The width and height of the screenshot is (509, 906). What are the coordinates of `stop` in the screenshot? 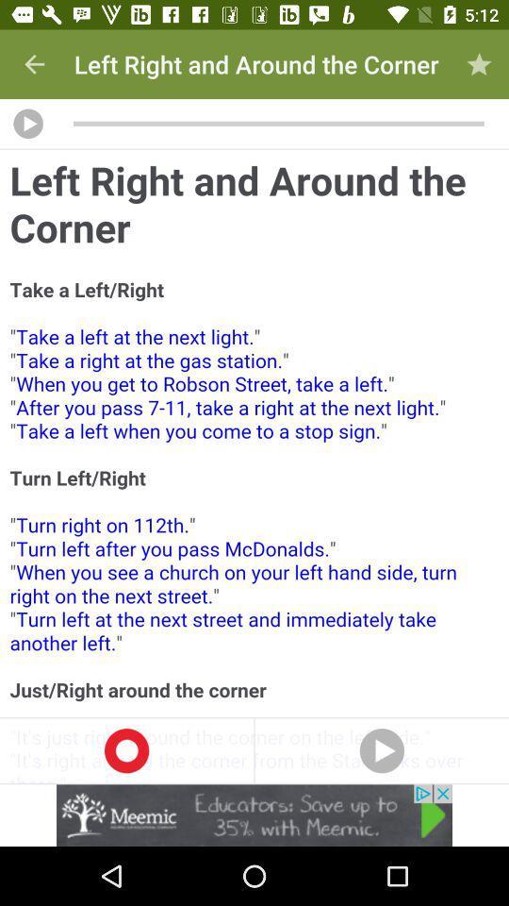 It's located at (126, 750).